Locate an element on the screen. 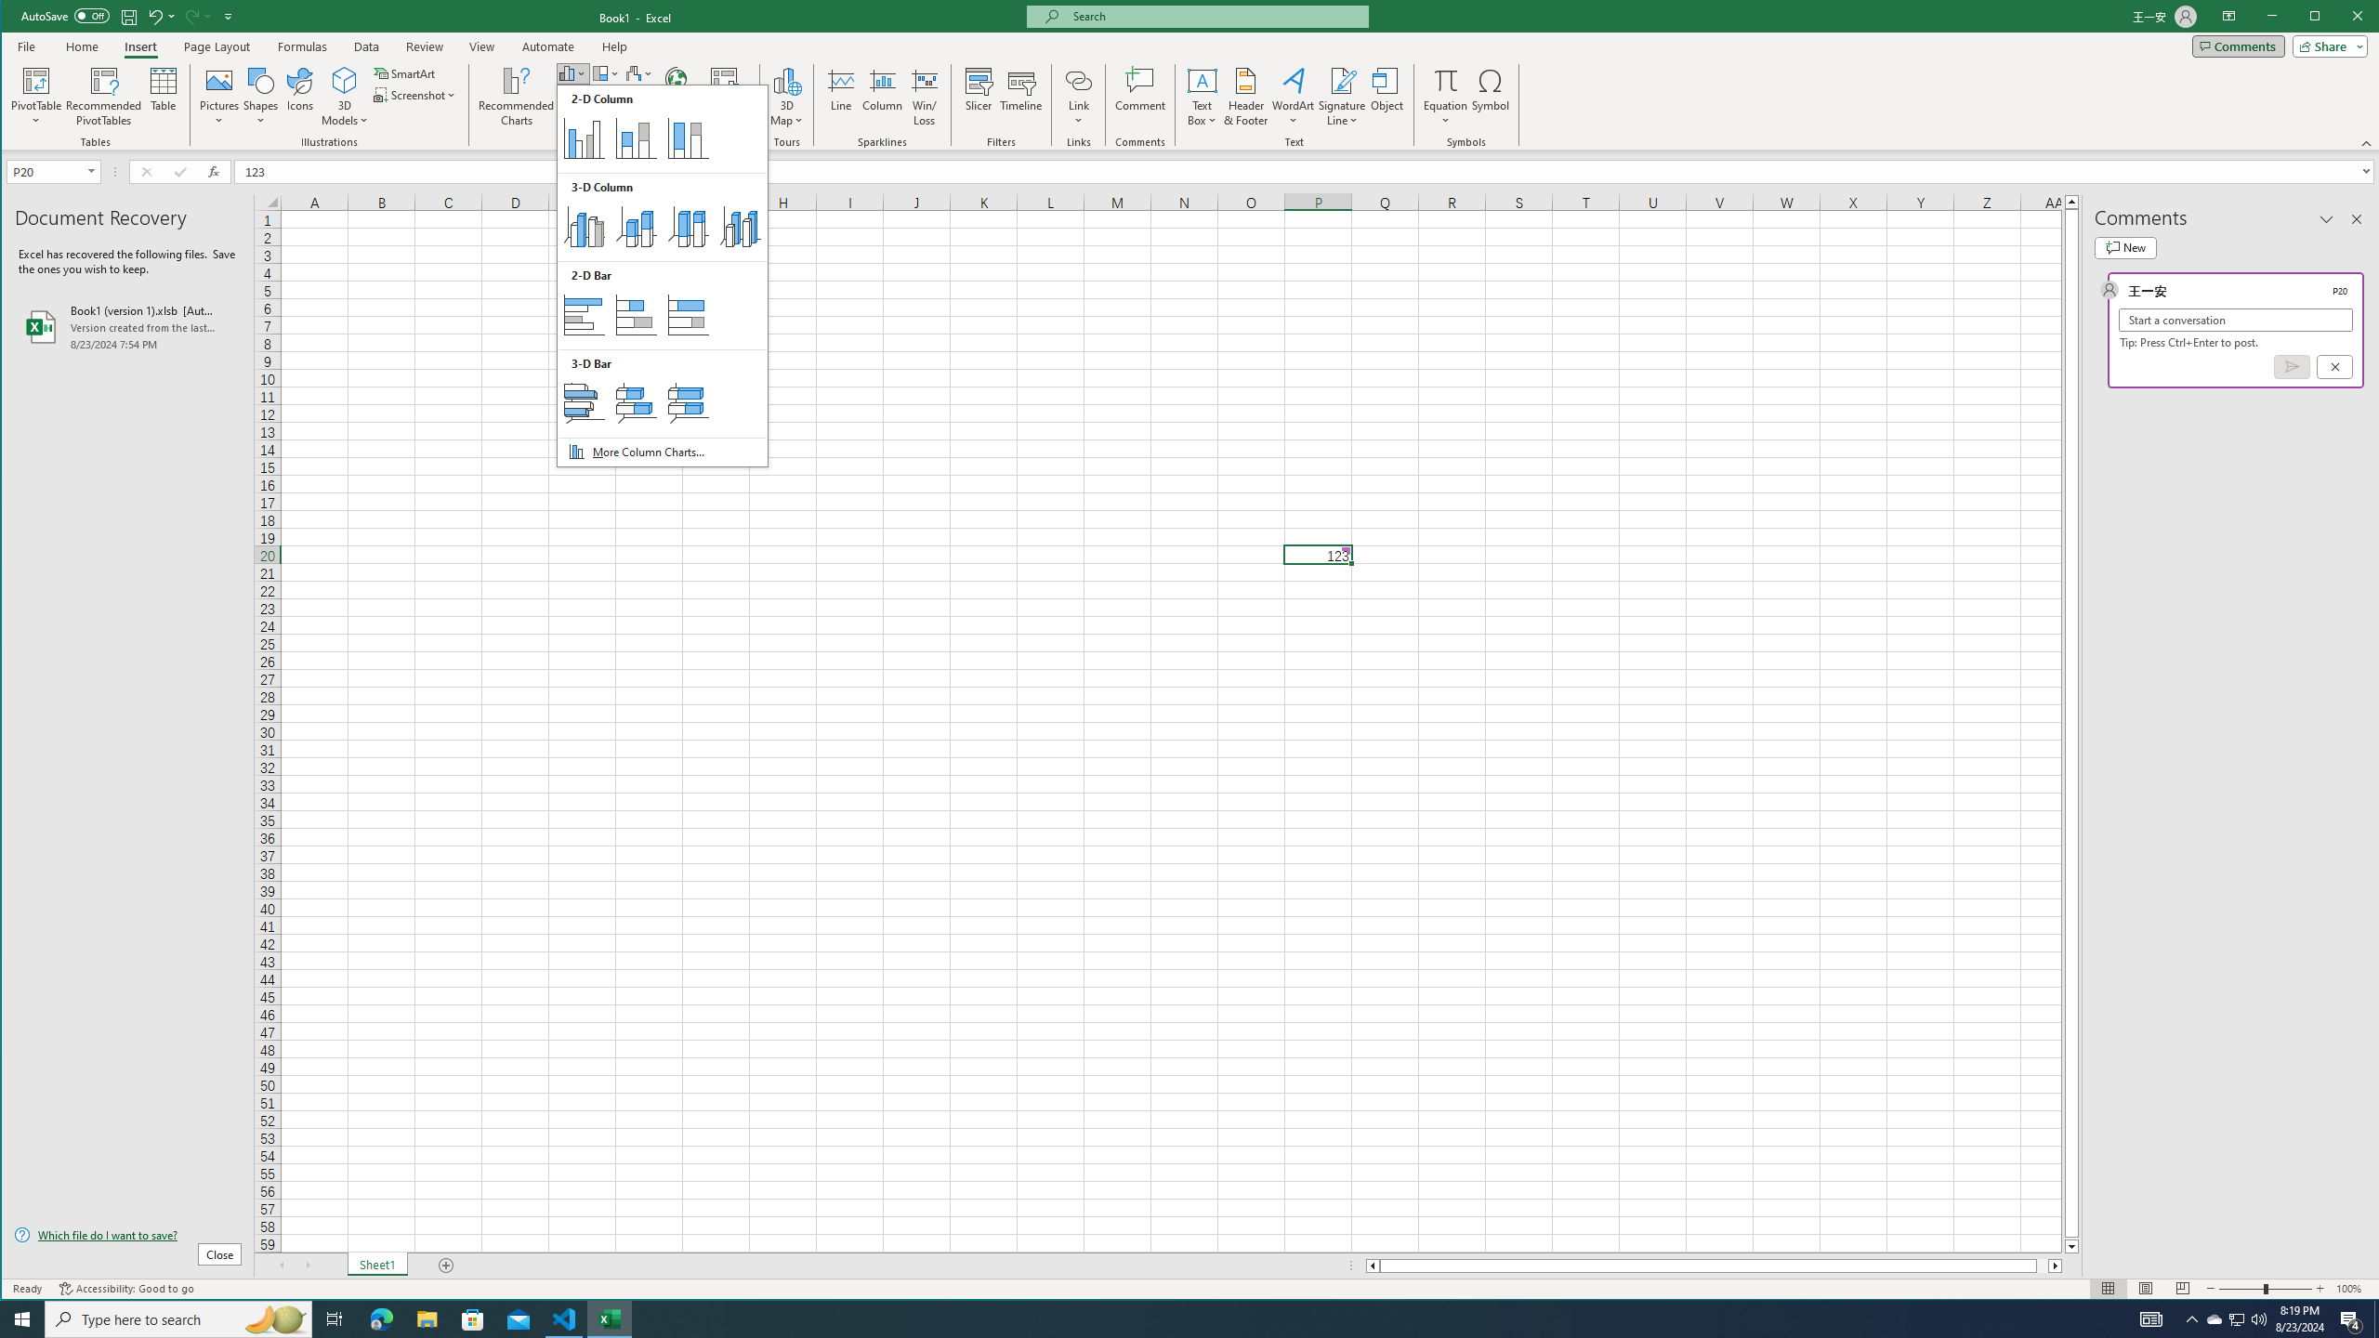 This screenshot has width=2379, height=1338. 'Q2790: 100%' is located at coordinates (2257, 1318).